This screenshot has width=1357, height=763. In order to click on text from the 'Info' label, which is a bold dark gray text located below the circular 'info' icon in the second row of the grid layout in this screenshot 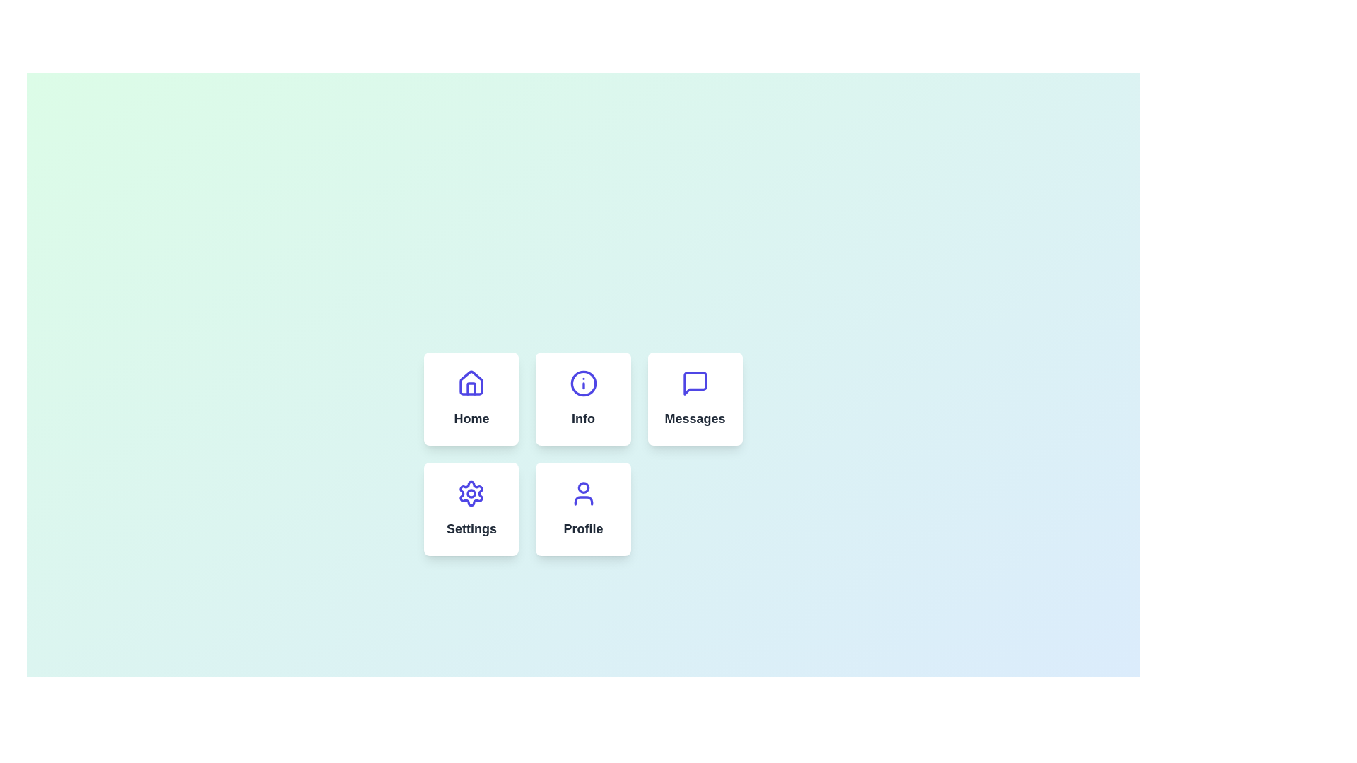, I will do `click(583, 418)`.